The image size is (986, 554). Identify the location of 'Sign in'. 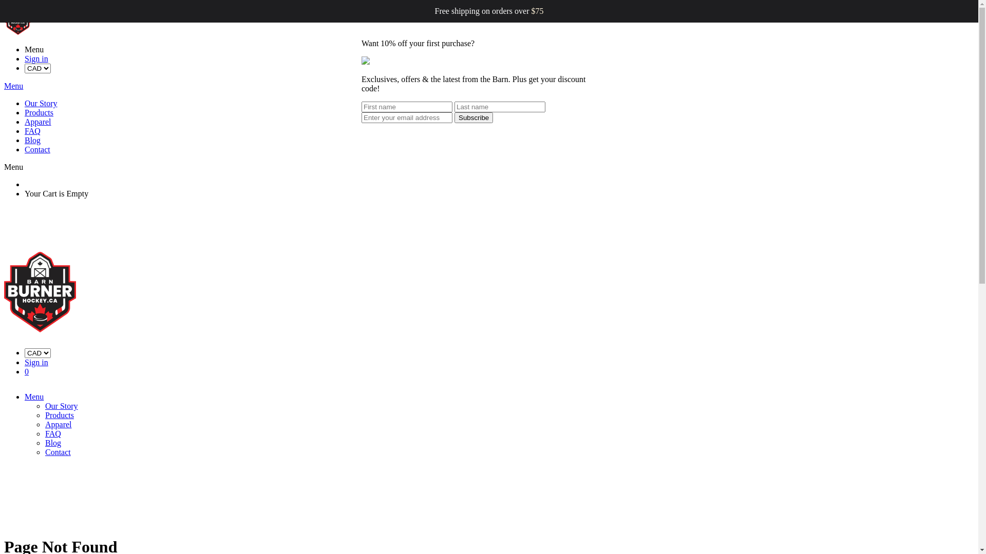
(25, 362).